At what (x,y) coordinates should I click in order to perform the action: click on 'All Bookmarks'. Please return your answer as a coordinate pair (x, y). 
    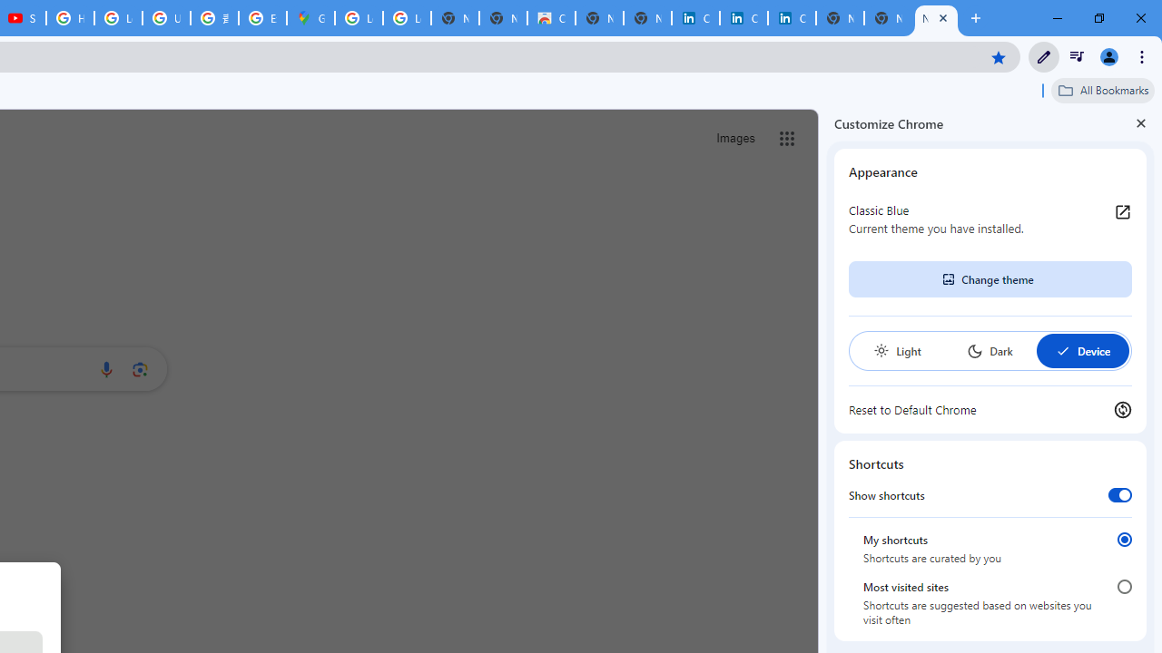
    Looking at the image, I should click on (1102, 90).